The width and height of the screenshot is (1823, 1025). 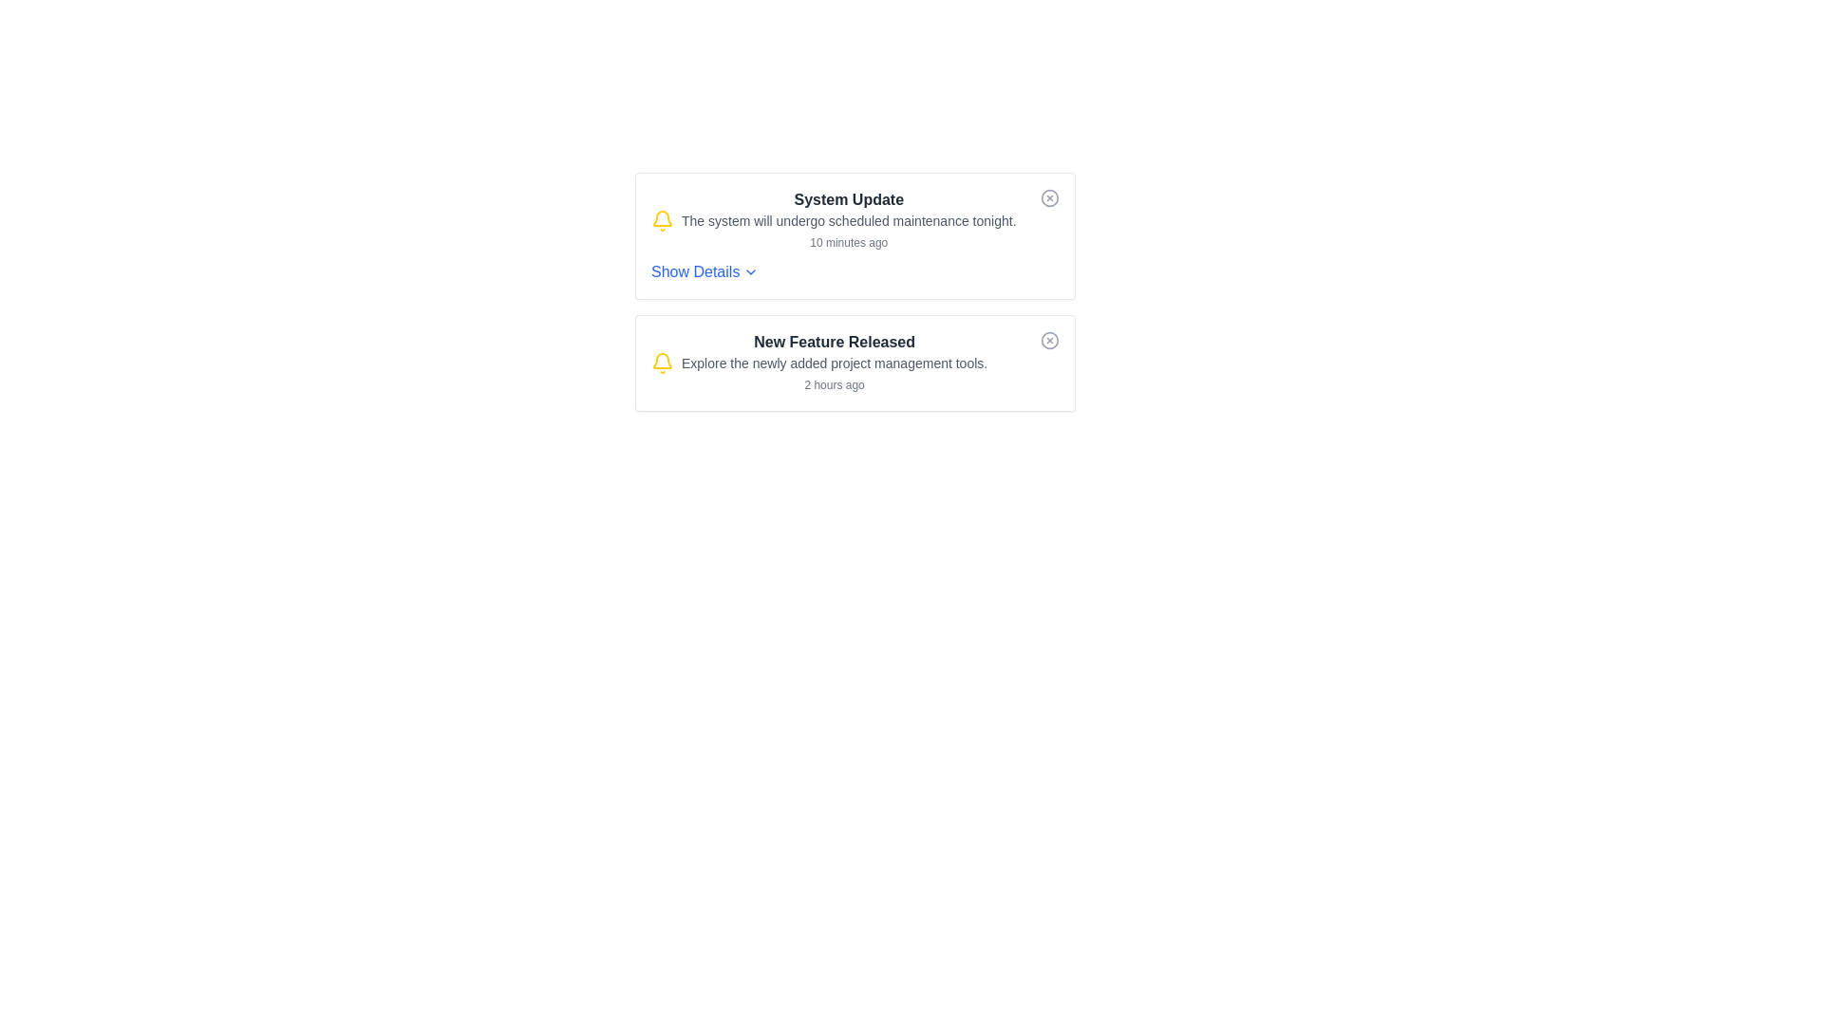 I want to click on the notification indicator icon located at the left edge of the 'System Update' notification card for status indication, so click(x=662, y=219).